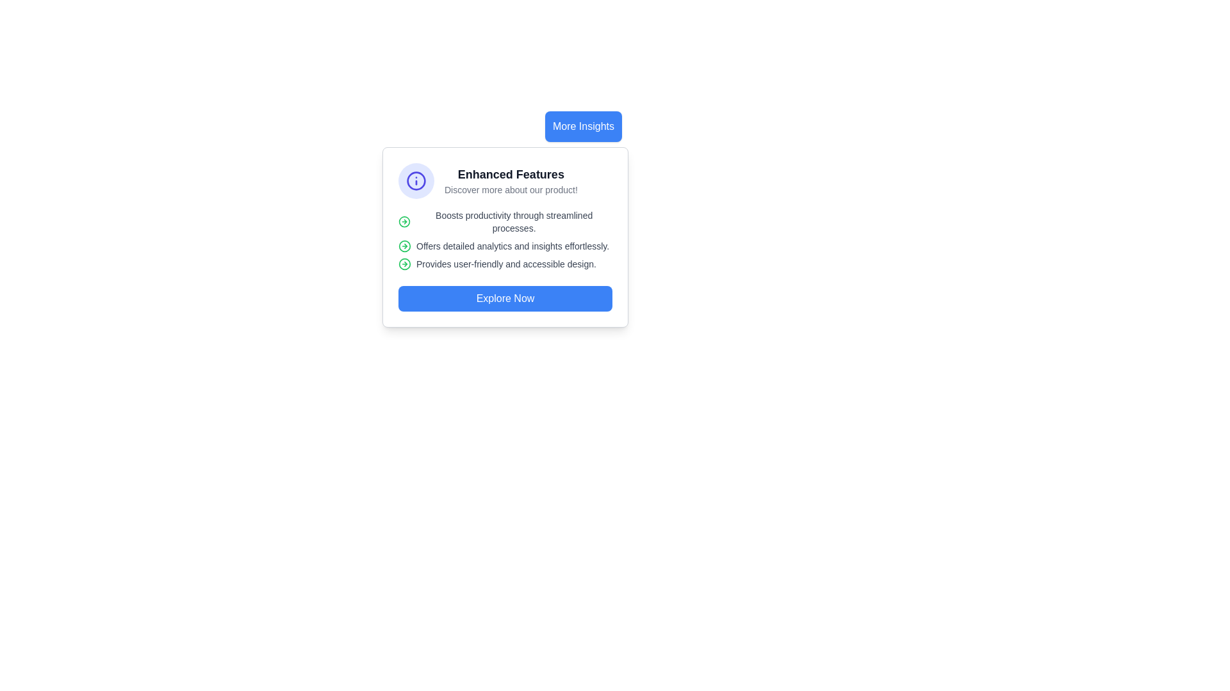 This screenshot has height=691, width=1230. I want to click on the green circle icon with a rightward arrow, located at the leftmost side of the bullet point stating 'Provides user-friendly and accessible design.', so click(404, 263).